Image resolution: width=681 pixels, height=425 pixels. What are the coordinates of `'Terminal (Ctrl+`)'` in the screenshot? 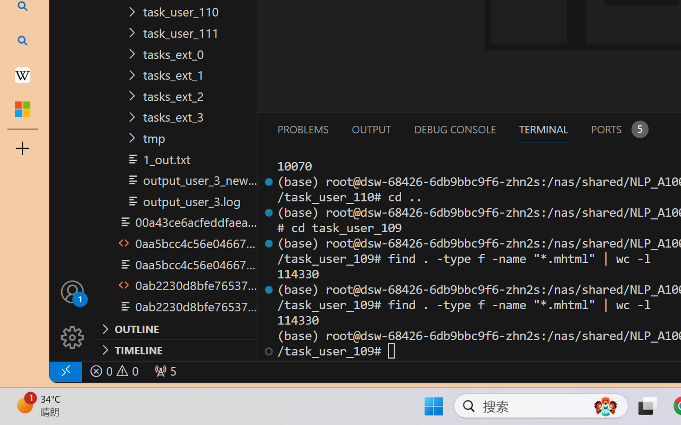 It's located at (543, 129).